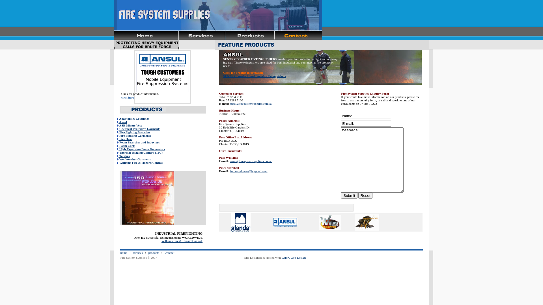 This screenshot has height=305, width=543. What do you see at coordinates (133, 123) in the screenshot?
I see `' Ansul'` at bounding box center [133, 123].